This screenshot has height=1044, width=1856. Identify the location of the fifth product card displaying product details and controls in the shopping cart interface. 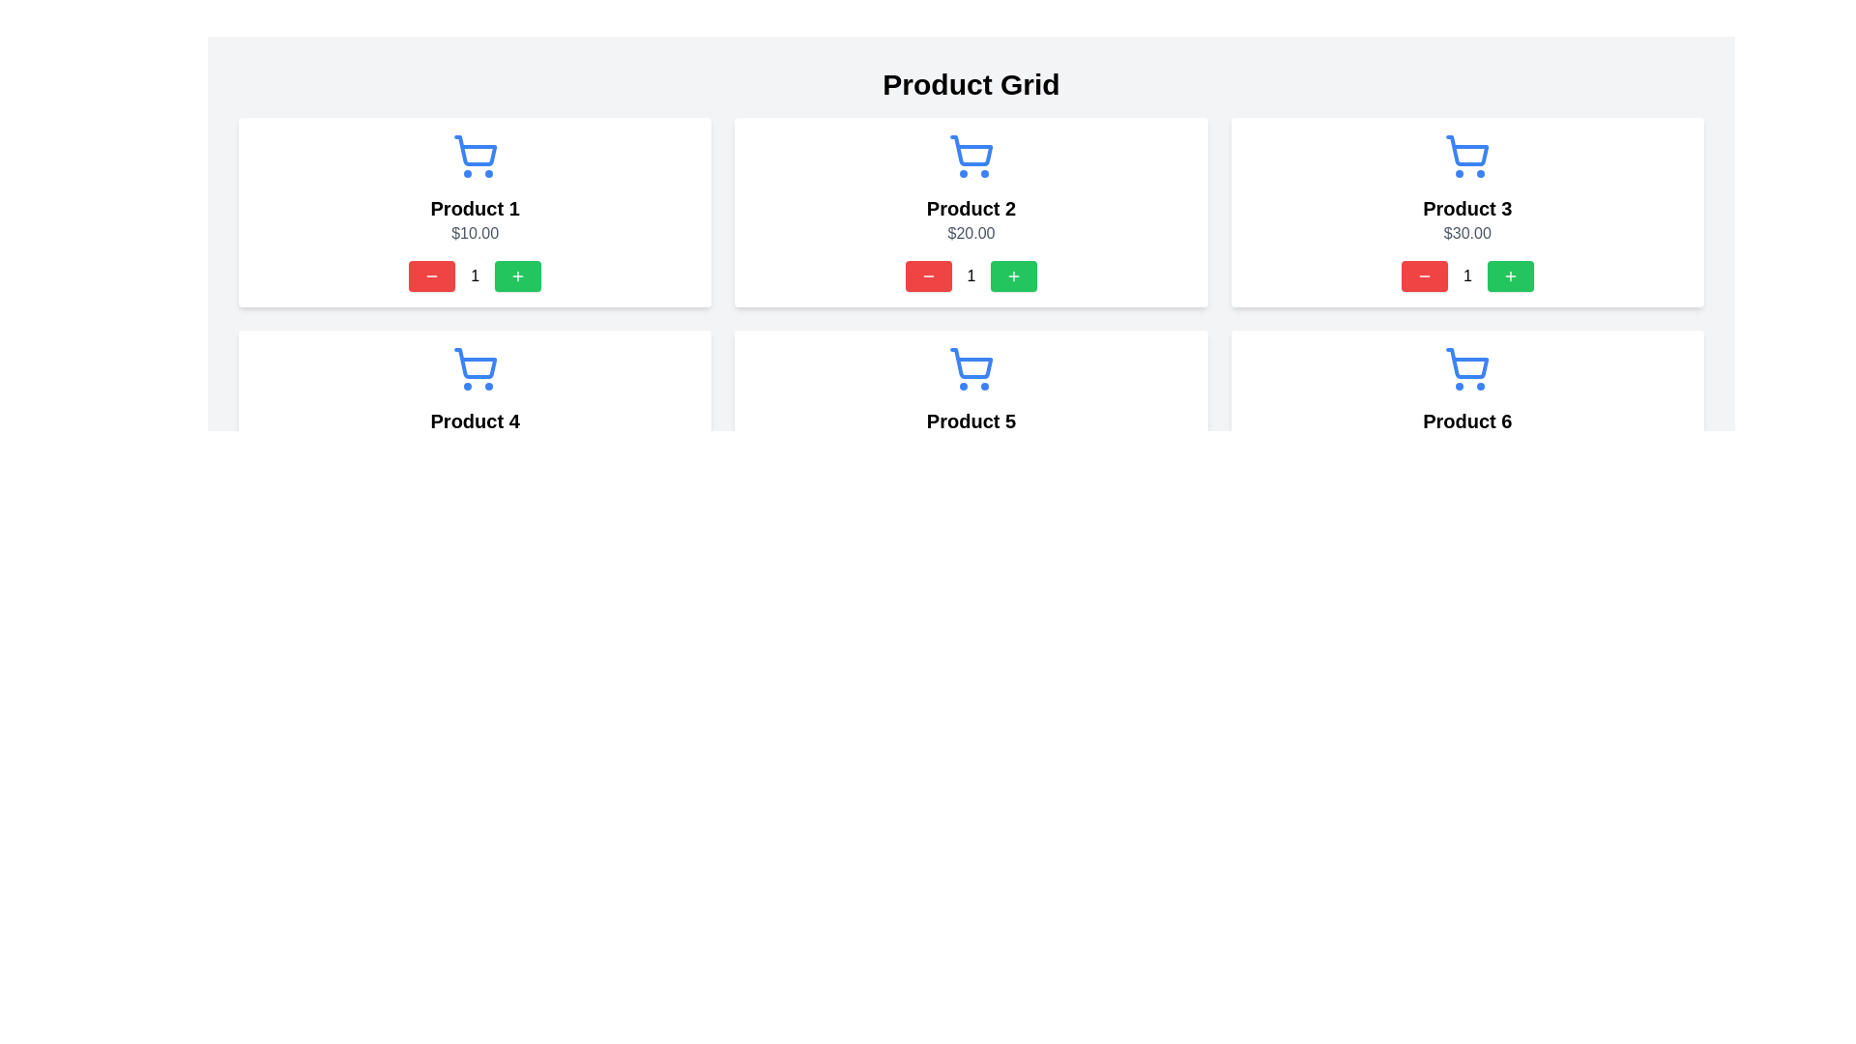
(971, 423).